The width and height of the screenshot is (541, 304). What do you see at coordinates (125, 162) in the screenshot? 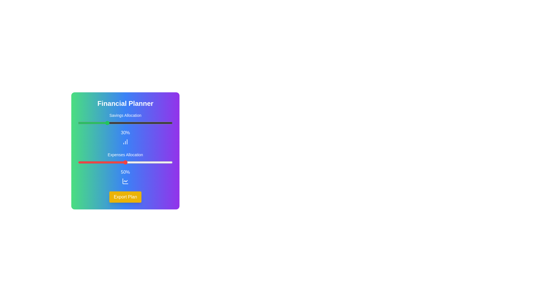
I see `and drag the circular red thumb of the range slider located beneath the 'Expenses Allocation' text to adjust its value` at bounding box center [125, 162].